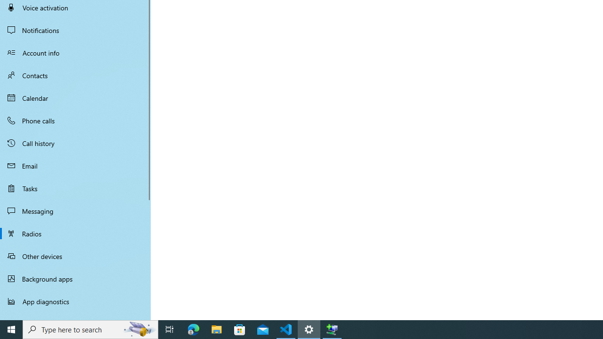 The image size is (603, 339). Describe the element at coordinates (75, 143) in the screenshot. I see `'Call history'` at that location.